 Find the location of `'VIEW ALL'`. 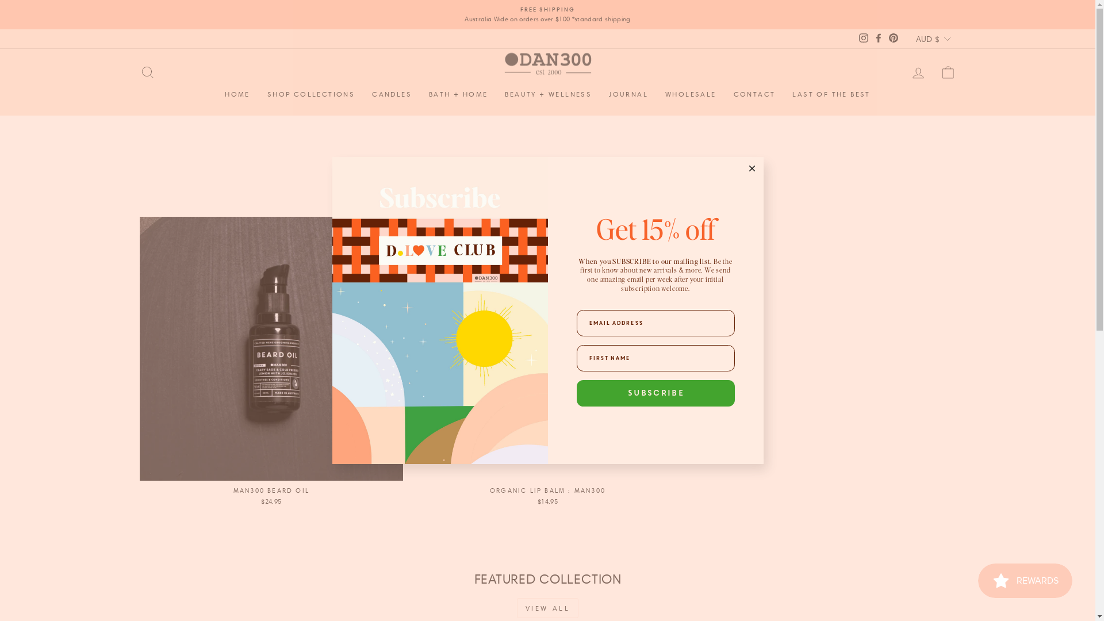

'VIEW ALL' is located at coordinates (547, 607).